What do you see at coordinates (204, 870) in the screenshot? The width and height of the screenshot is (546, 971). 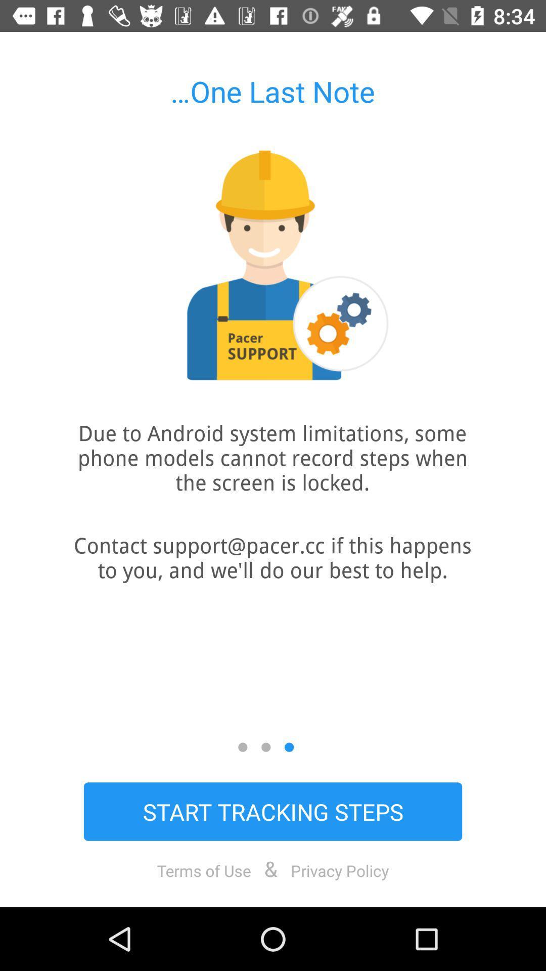 I see `icon below start tracking steps icon` at bounding box center [204, 870].